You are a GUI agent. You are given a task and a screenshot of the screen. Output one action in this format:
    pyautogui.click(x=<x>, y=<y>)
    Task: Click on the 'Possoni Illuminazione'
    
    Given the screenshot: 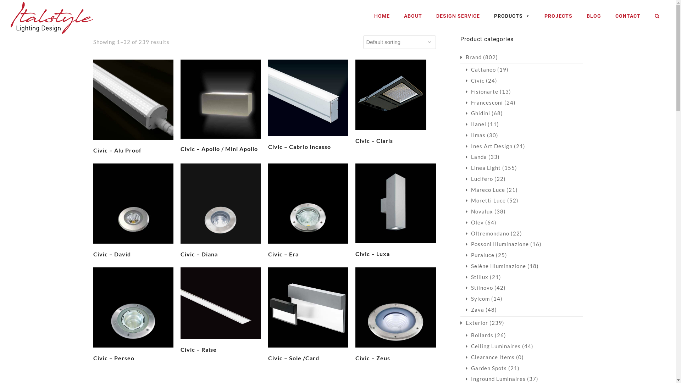 What is the action you would take?
    pyautogui.click(x=497, y=243)
    